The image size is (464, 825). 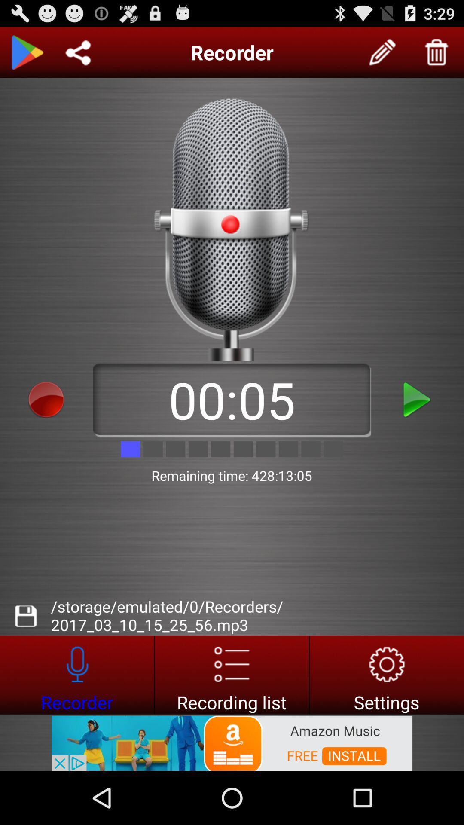 What do you see at coordinates (417, 399) in the screenshot?
I see `recording` at bounding box center [417, 399].